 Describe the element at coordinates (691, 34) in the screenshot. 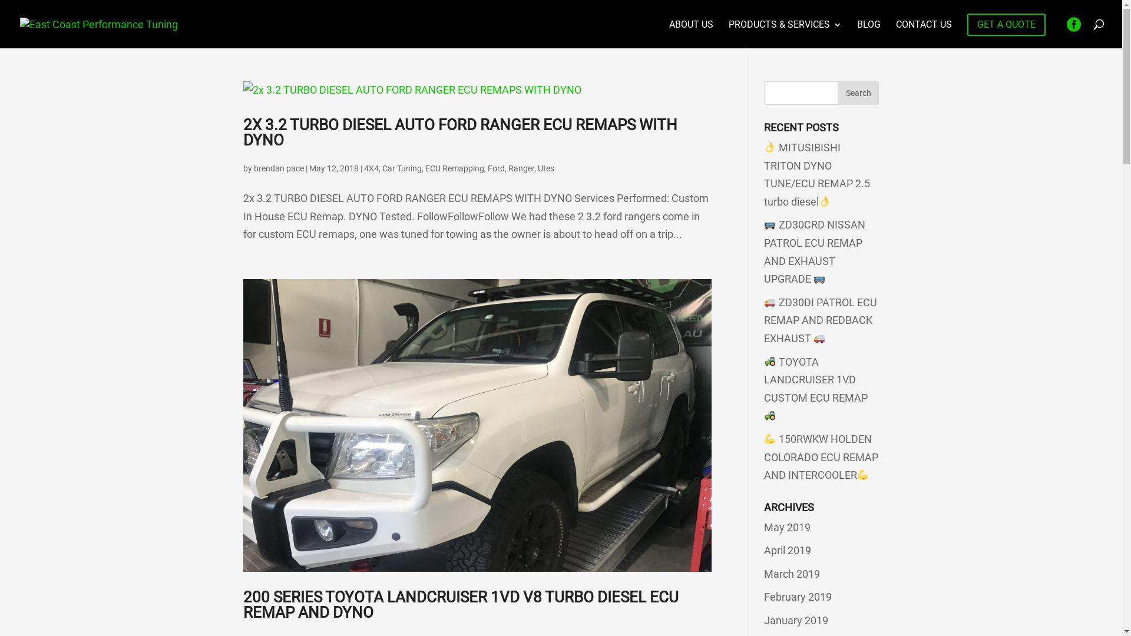

I see `'ABOUT US'` at that location.